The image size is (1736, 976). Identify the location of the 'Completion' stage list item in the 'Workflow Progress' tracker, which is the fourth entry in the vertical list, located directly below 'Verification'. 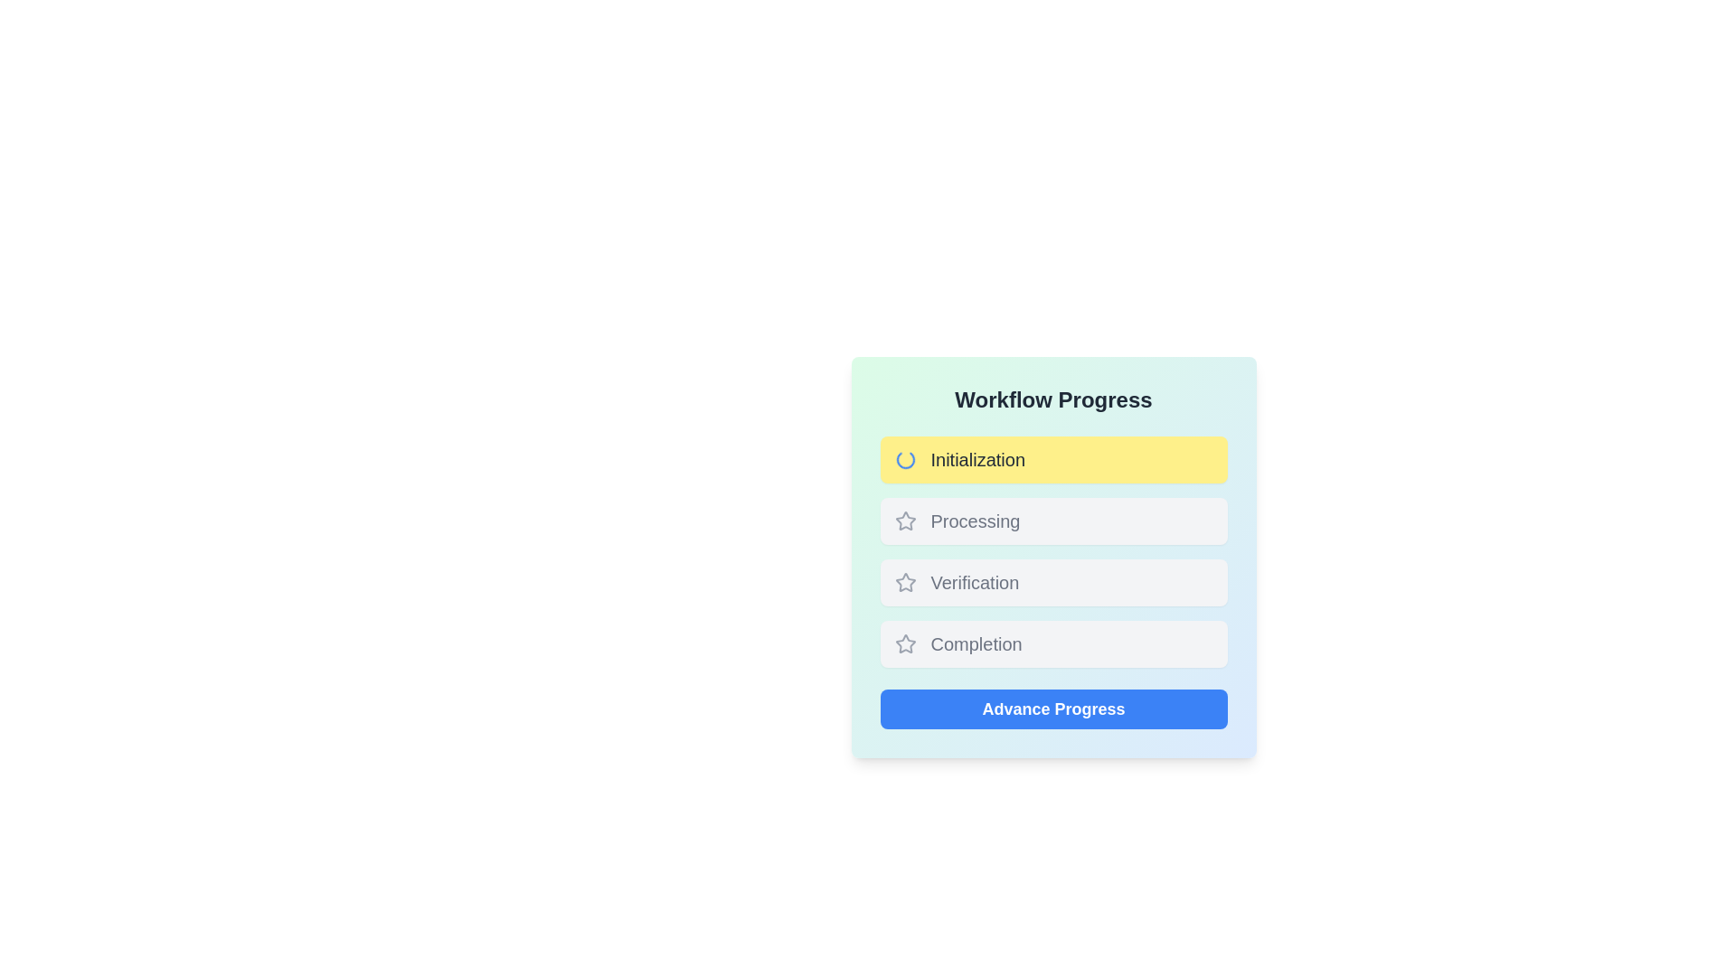
(1053, 643).